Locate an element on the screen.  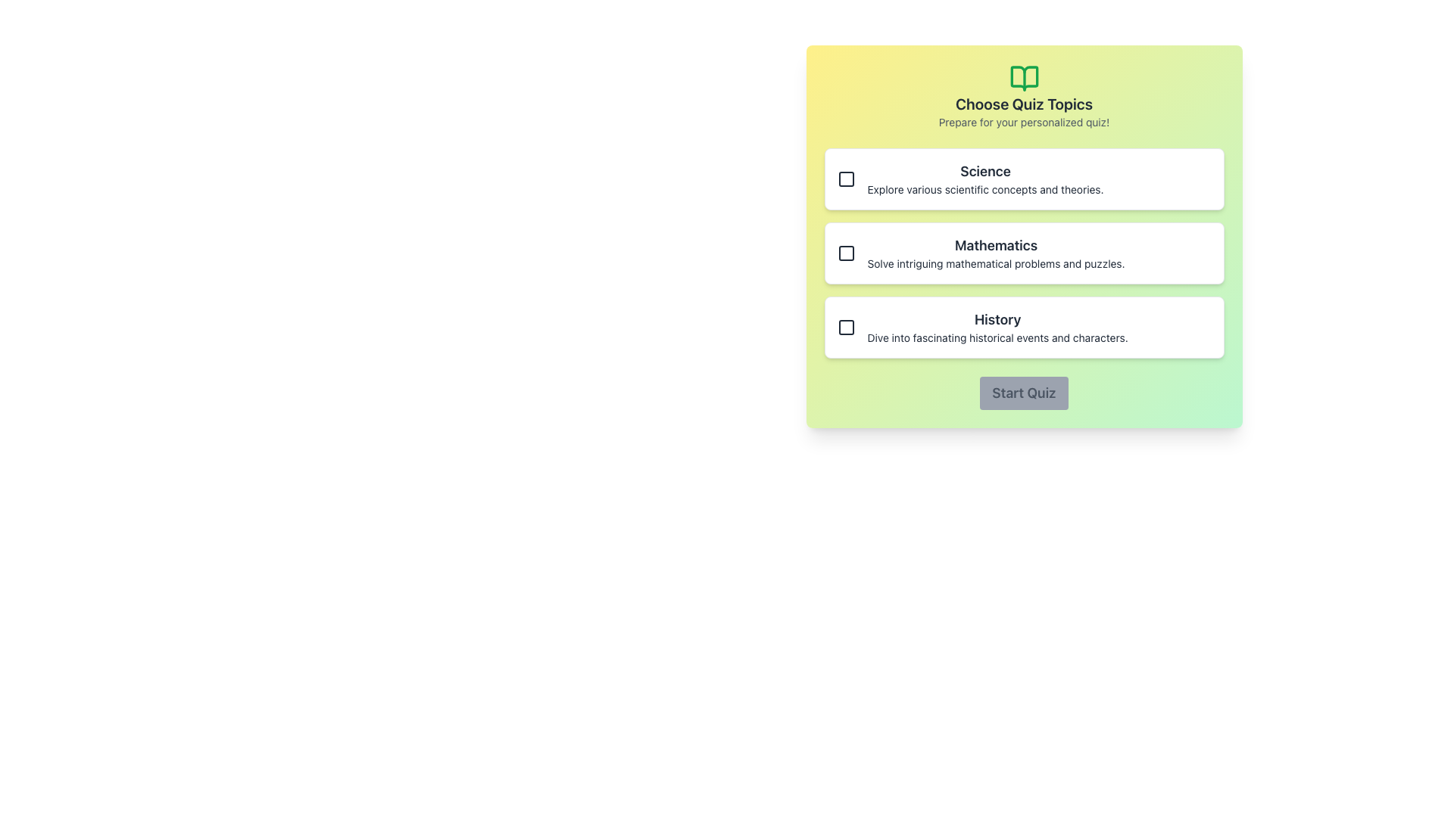
the static text heading element displaying 'Choose Quiz Topics', which is styled with a bold font and located below a green book icon is located at coordinates (1024, 104).